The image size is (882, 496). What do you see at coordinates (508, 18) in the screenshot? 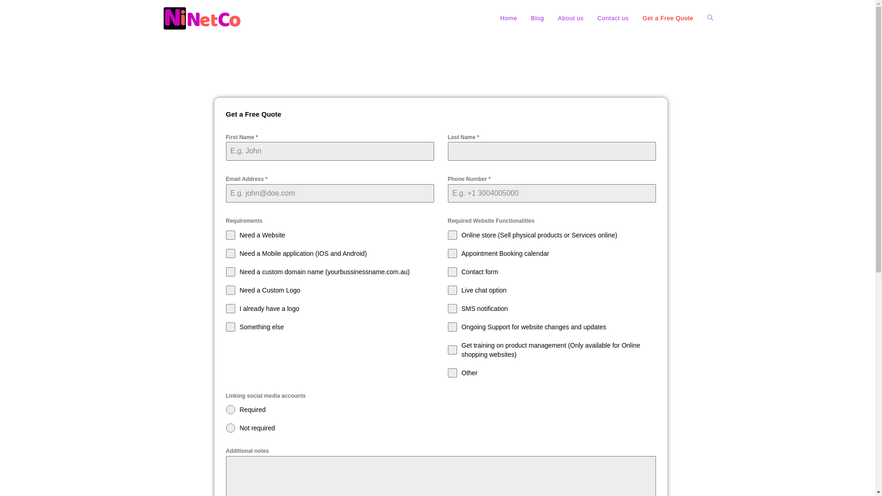
I see `'Home'` at bounding box center [508, 18].